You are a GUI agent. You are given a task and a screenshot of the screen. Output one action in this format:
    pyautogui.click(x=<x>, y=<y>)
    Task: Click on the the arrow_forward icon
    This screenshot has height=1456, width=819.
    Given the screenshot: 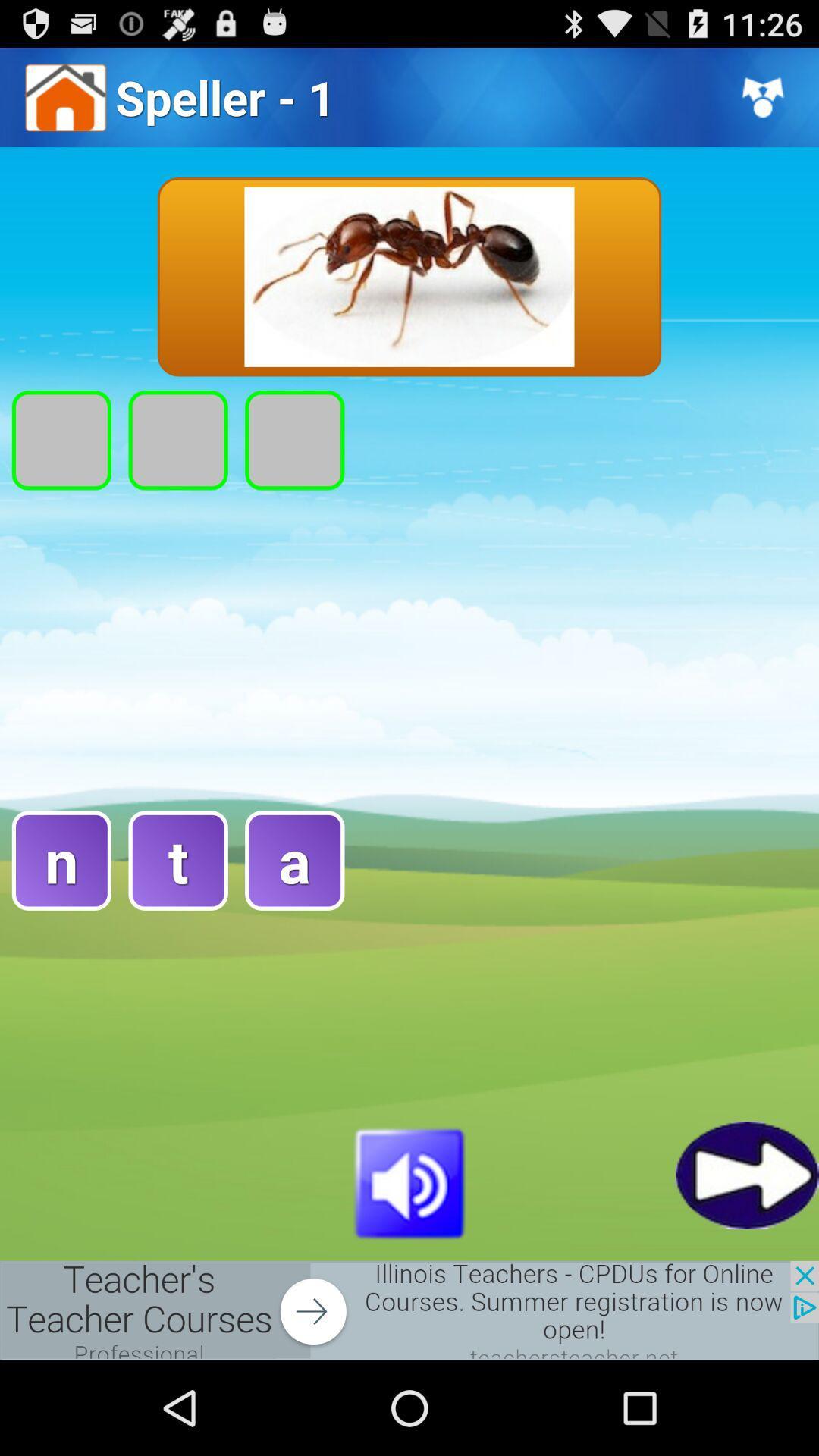 What is the action you would take?
    pyautogui.click(x=746, y=1257)
    